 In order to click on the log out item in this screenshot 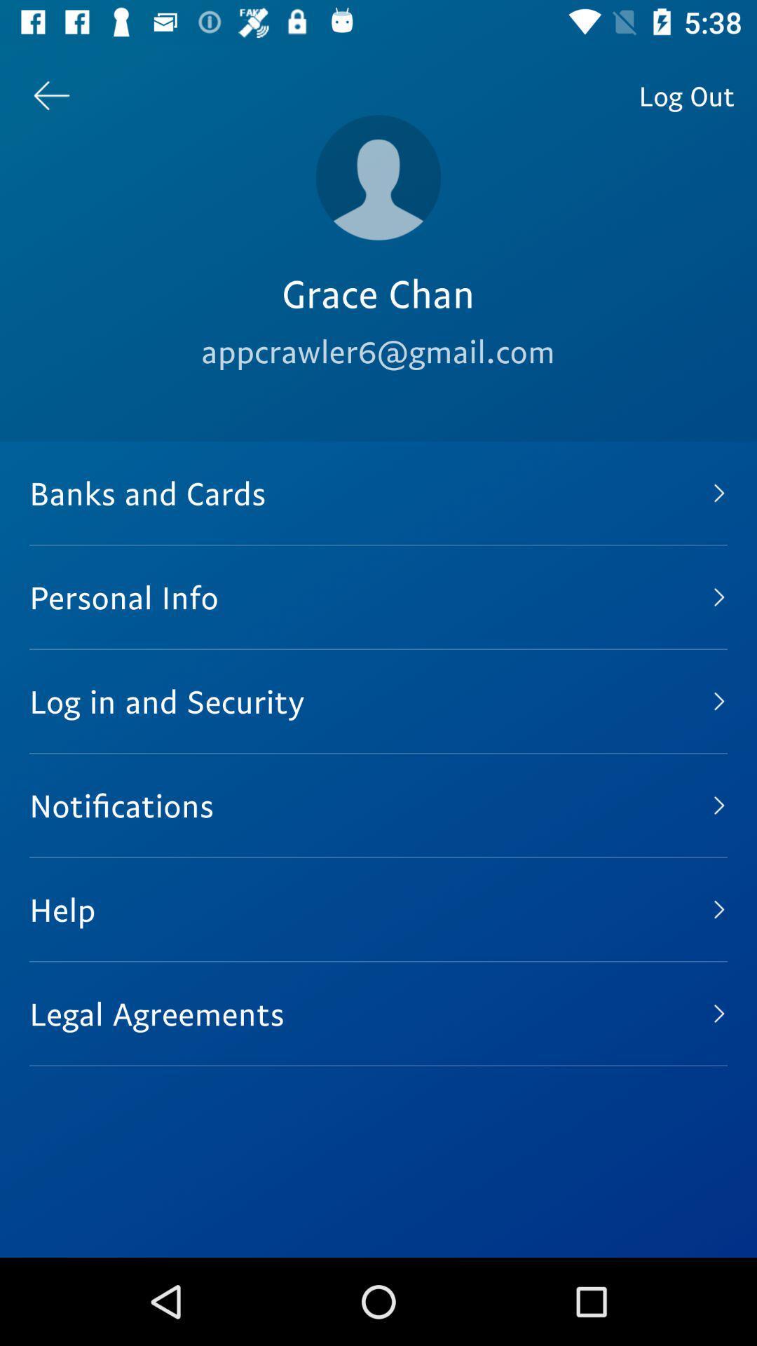, I will do `click(686, 95)`.